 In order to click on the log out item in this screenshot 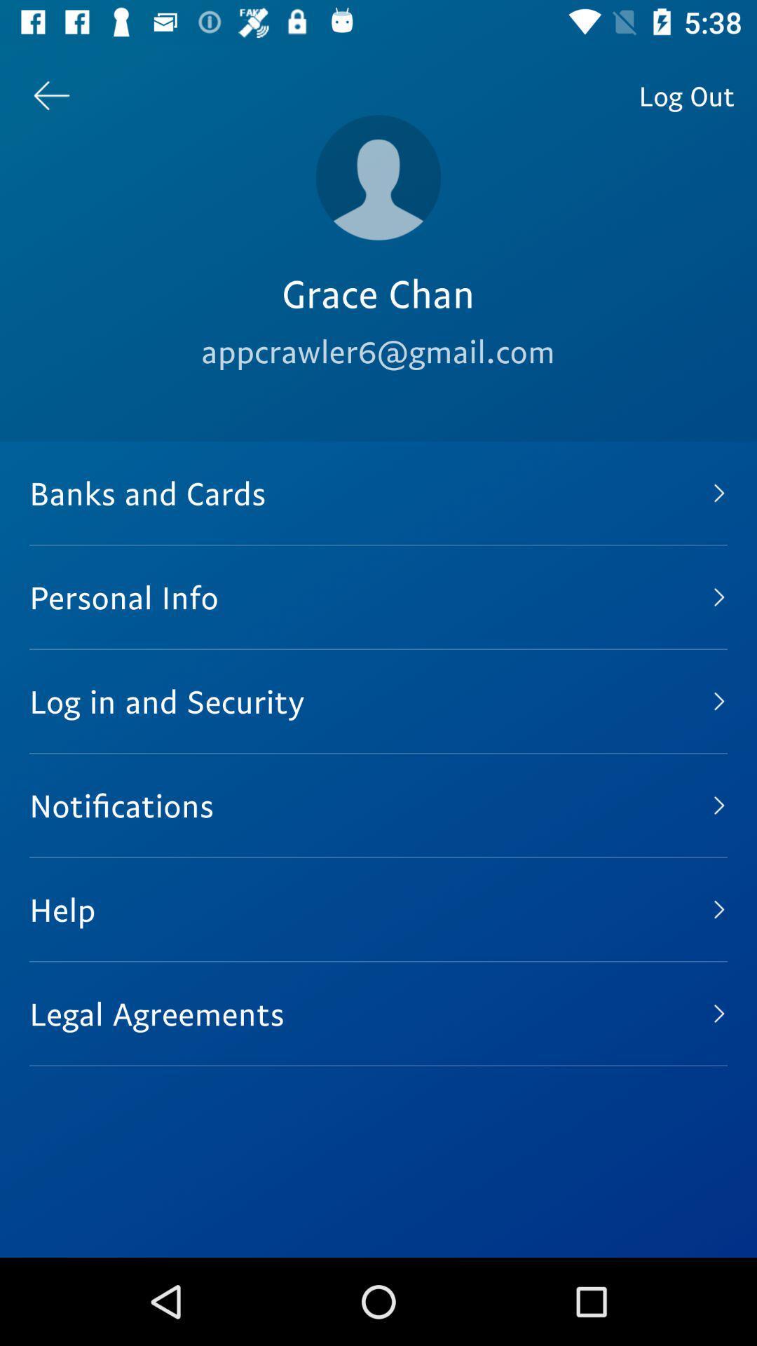, I will do `click(686, 95)`.